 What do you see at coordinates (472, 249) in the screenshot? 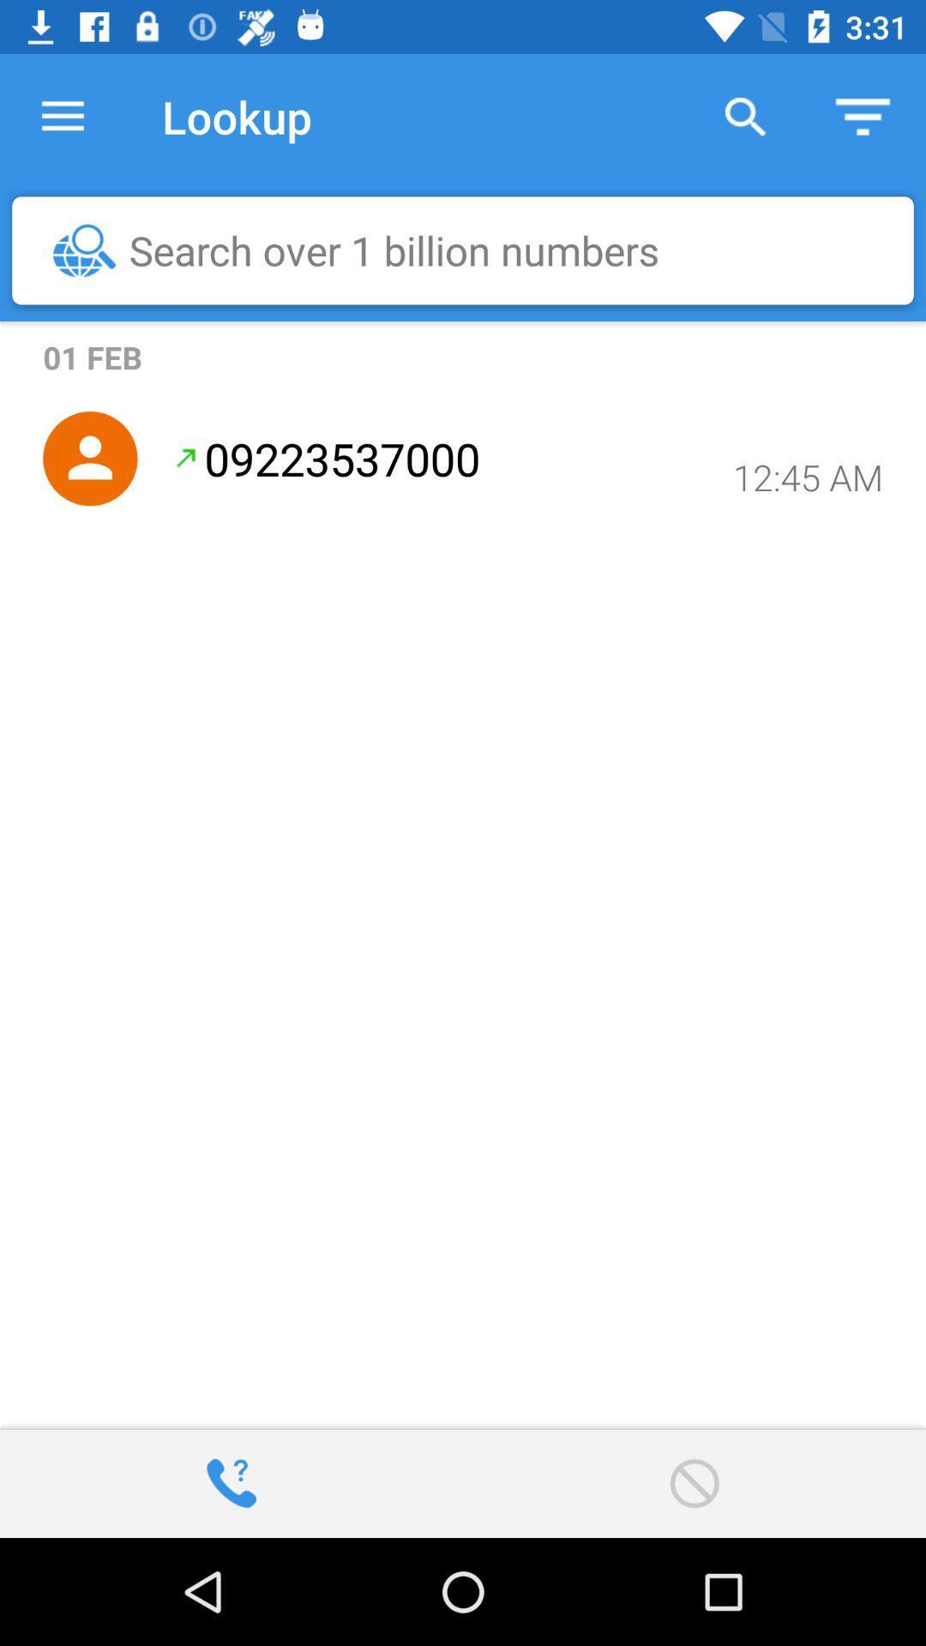
I see `search over 1` at bounding box center [472, 249].